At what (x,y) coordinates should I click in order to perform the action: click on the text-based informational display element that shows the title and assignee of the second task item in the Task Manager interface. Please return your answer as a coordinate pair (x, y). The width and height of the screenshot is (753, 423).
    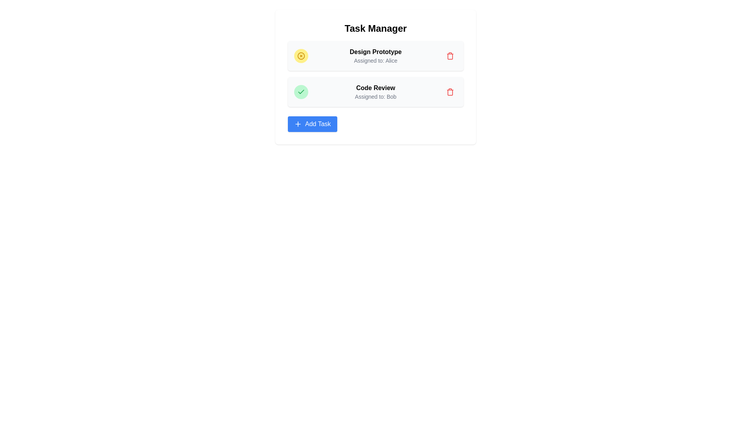
    Looking at the image, I should click on (375, 92).